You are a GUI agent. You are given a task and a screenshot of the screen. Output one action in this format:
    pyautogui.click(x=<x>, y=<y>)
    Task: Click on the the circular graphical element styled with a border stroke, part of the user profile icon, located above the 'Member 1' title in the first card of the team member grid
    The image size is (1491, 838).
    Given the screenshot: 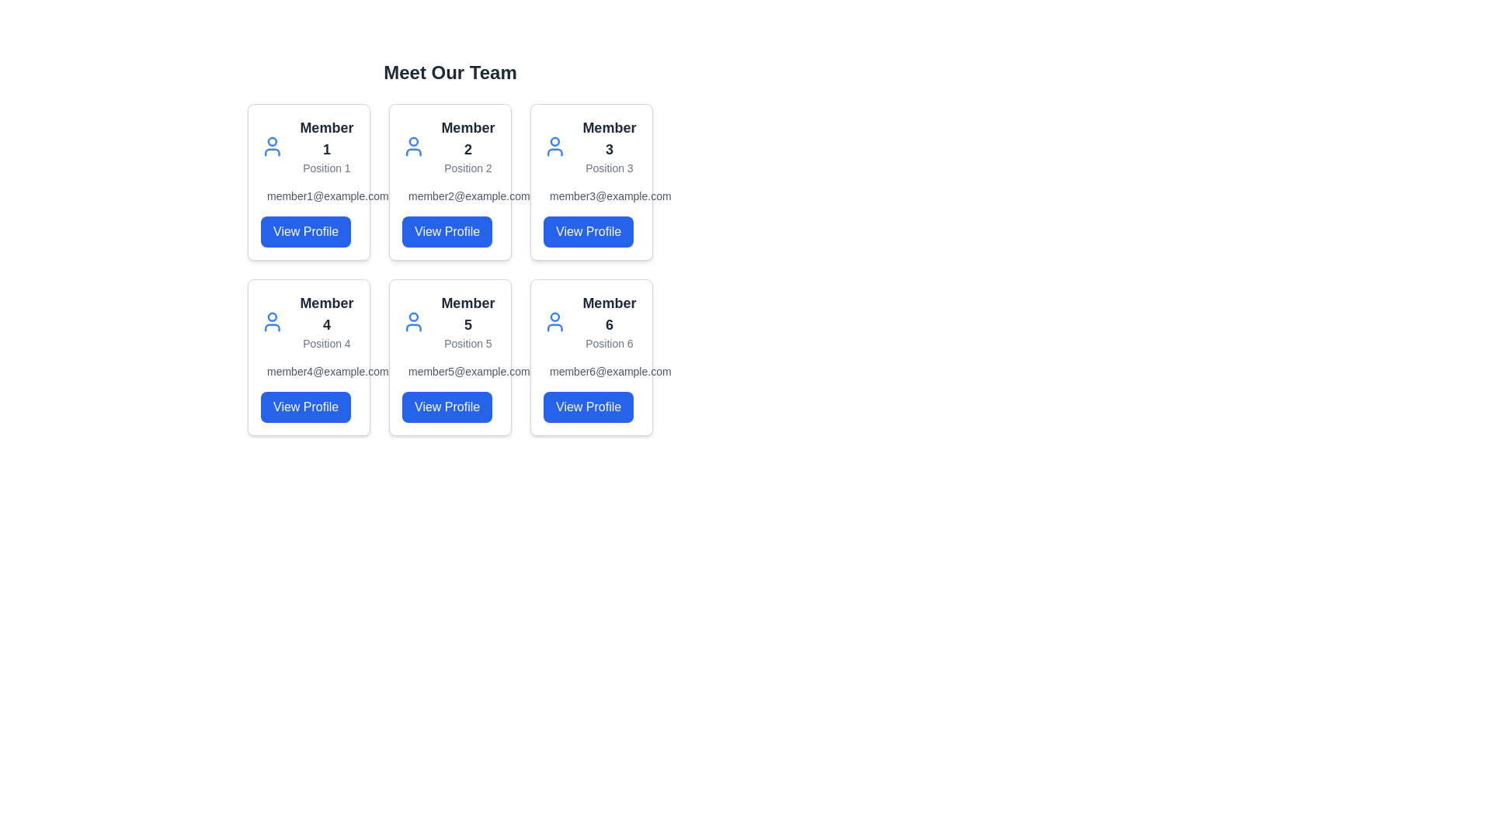 What is the action you would take?
    pyautogui.click(x=272, y=141)
    